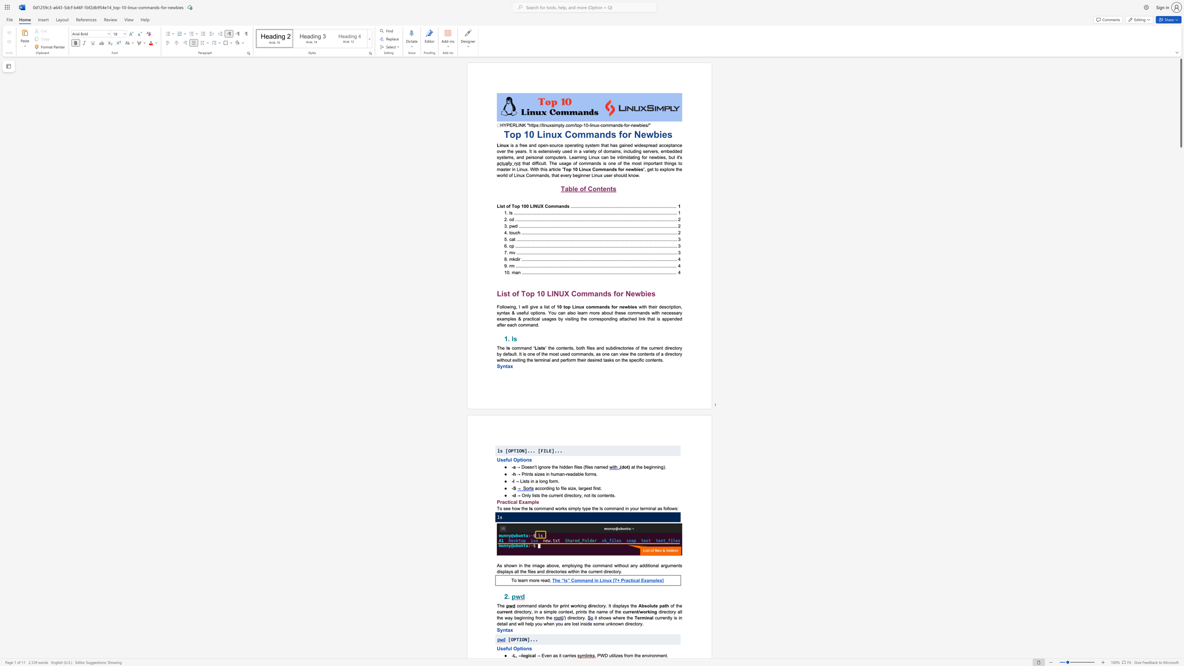  What do you see at coordinates (497, 617) in the screenshot?
I see `the 2th character "t" in the text` at bounding box center [497, 617].